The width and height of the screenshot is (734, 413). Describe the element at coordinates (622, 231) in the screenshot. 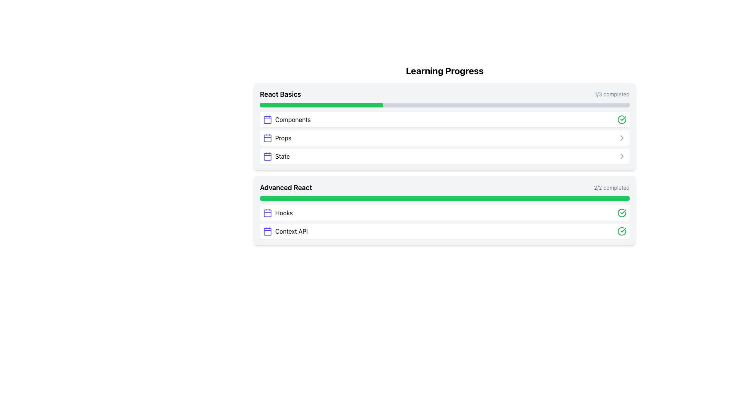

I see `the status icon indicating the completion of the 'Context API' task located on the far right of the row labeled 'Context API' in the 'Advanced React' section` at that location.